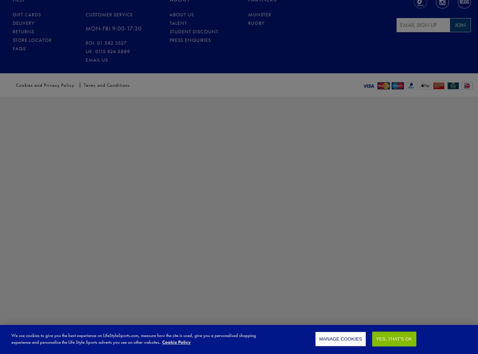 This screenshot has height=354, width=478. What do you see at coordinates (460, 24) in the screenshot?
I see `'Join'` at bounding box center [460, 24].